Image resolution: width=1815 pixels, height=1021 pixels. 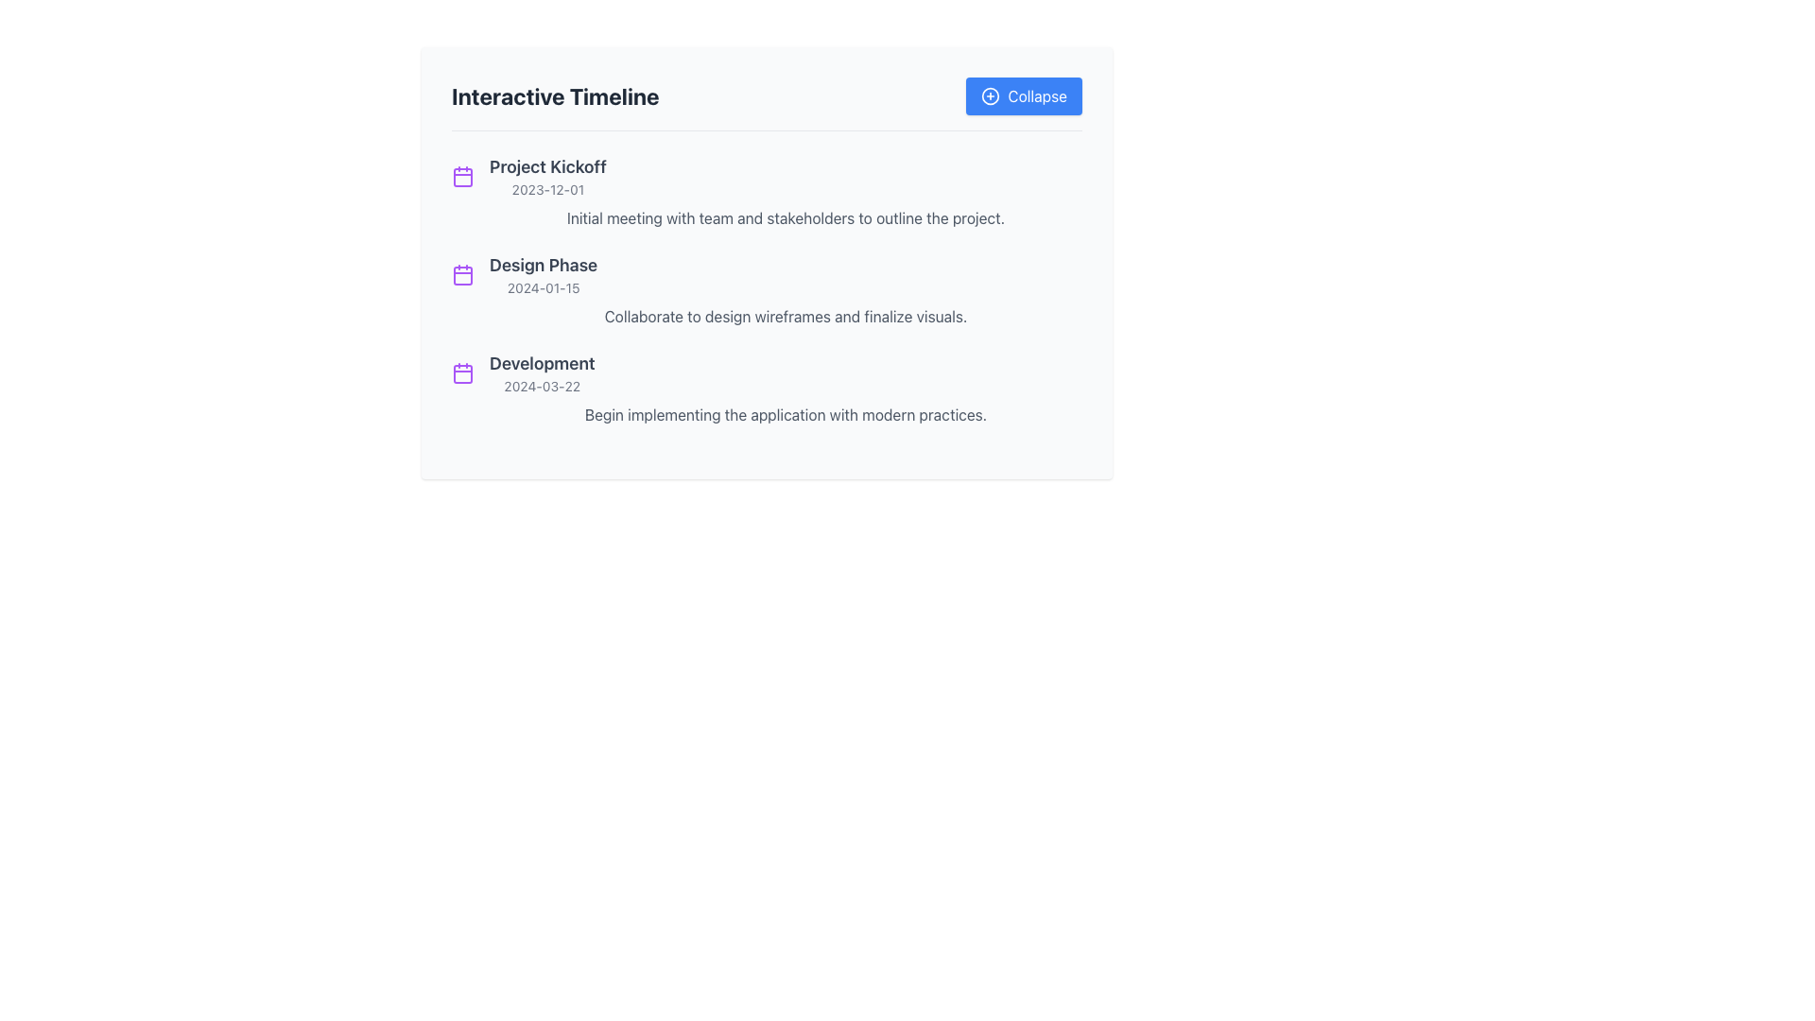 What do you see at coordinates (767, 290) in the screenshot?
I see `the 'Project Kickoff', 'Design Phase', or 'Development' subsection in the Interactive Timeline component if interactive behavior exists` at bounding box center [767, 290].